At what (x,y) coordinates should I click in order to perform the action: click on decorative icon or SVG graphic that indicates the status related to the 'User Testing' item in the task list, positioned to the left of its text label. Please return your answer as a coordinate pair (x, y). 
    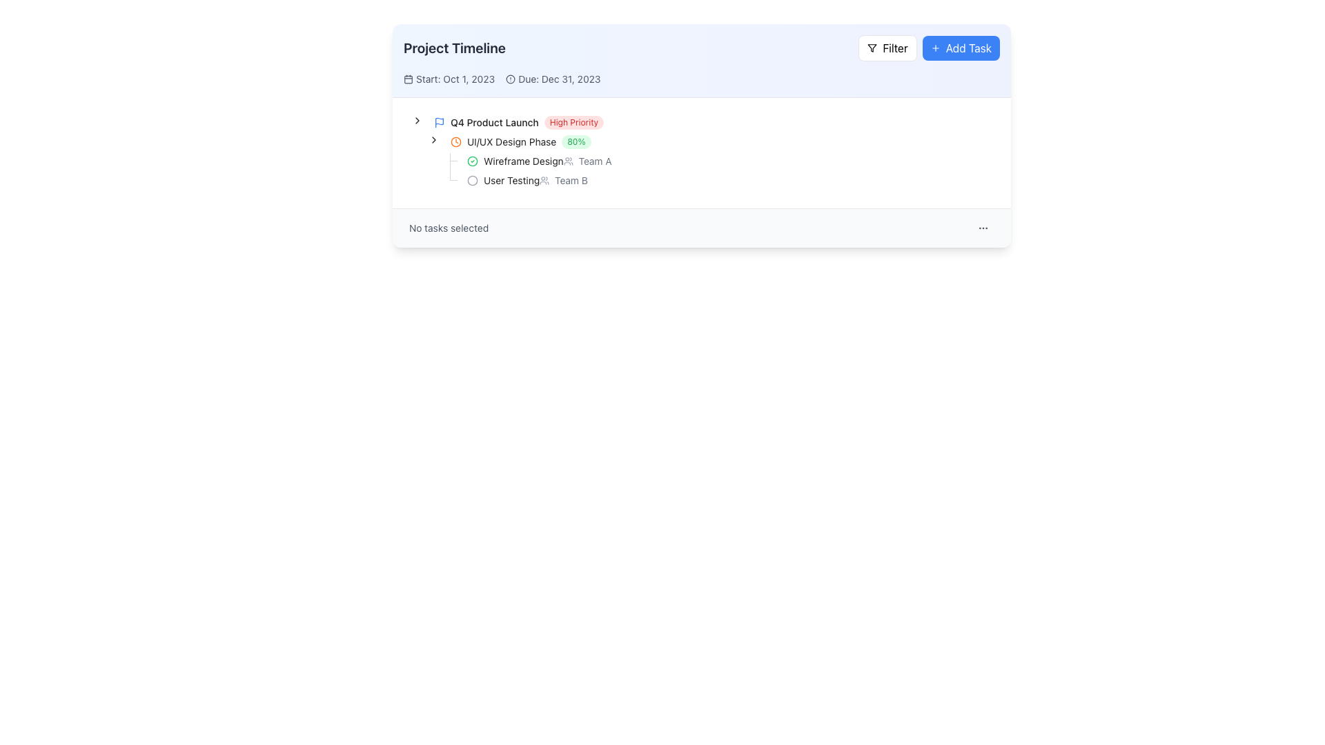
    Looking at the image, I should click on (473, 180).